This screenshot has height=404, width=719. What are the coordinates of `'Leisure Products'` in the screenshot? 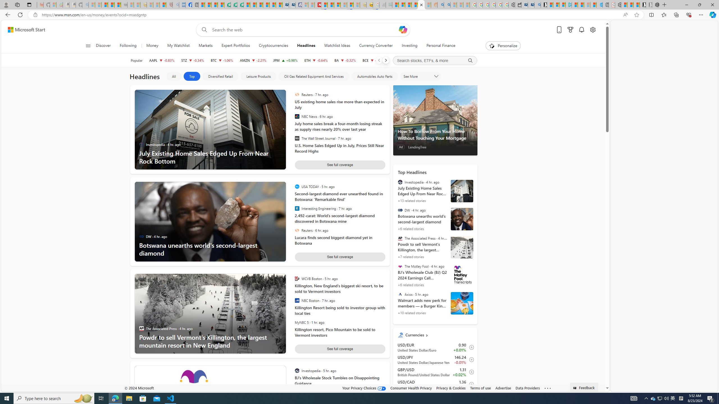 It's located at (259, 76).